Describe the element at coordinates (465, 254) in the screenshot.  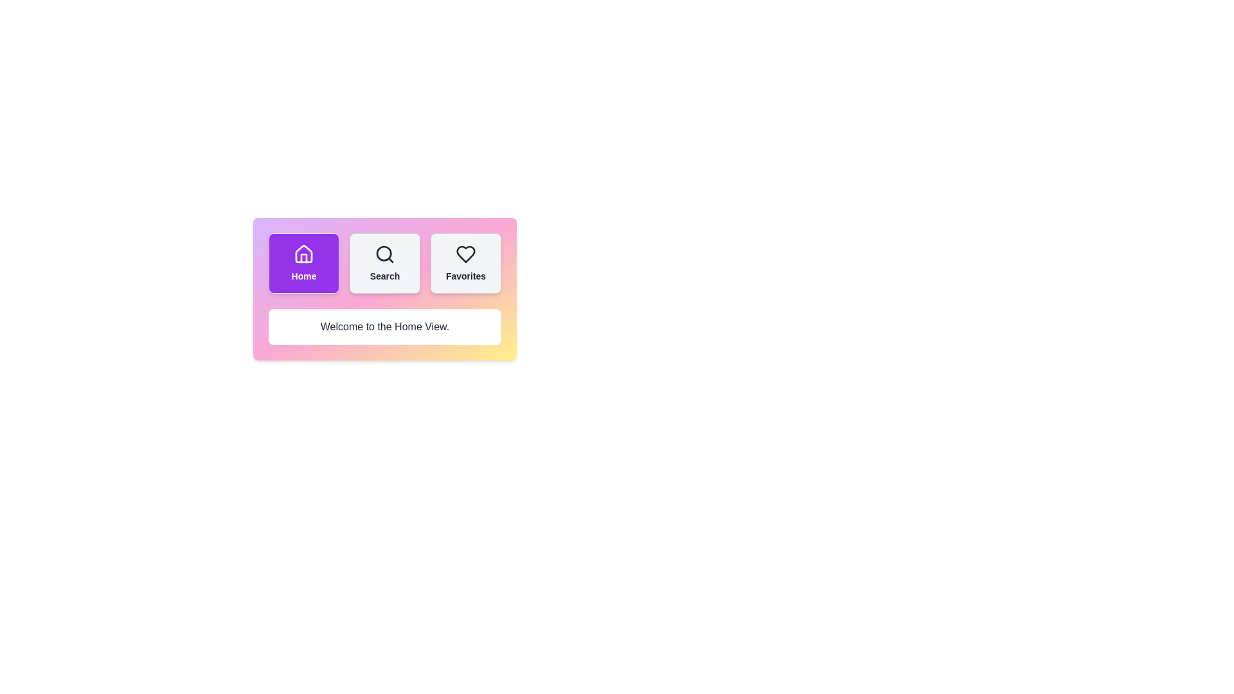
I see `the heart-shaped icon outlined in black located in the 'Favorites' section of the horizontal navigation menu to favorite something` at that location.